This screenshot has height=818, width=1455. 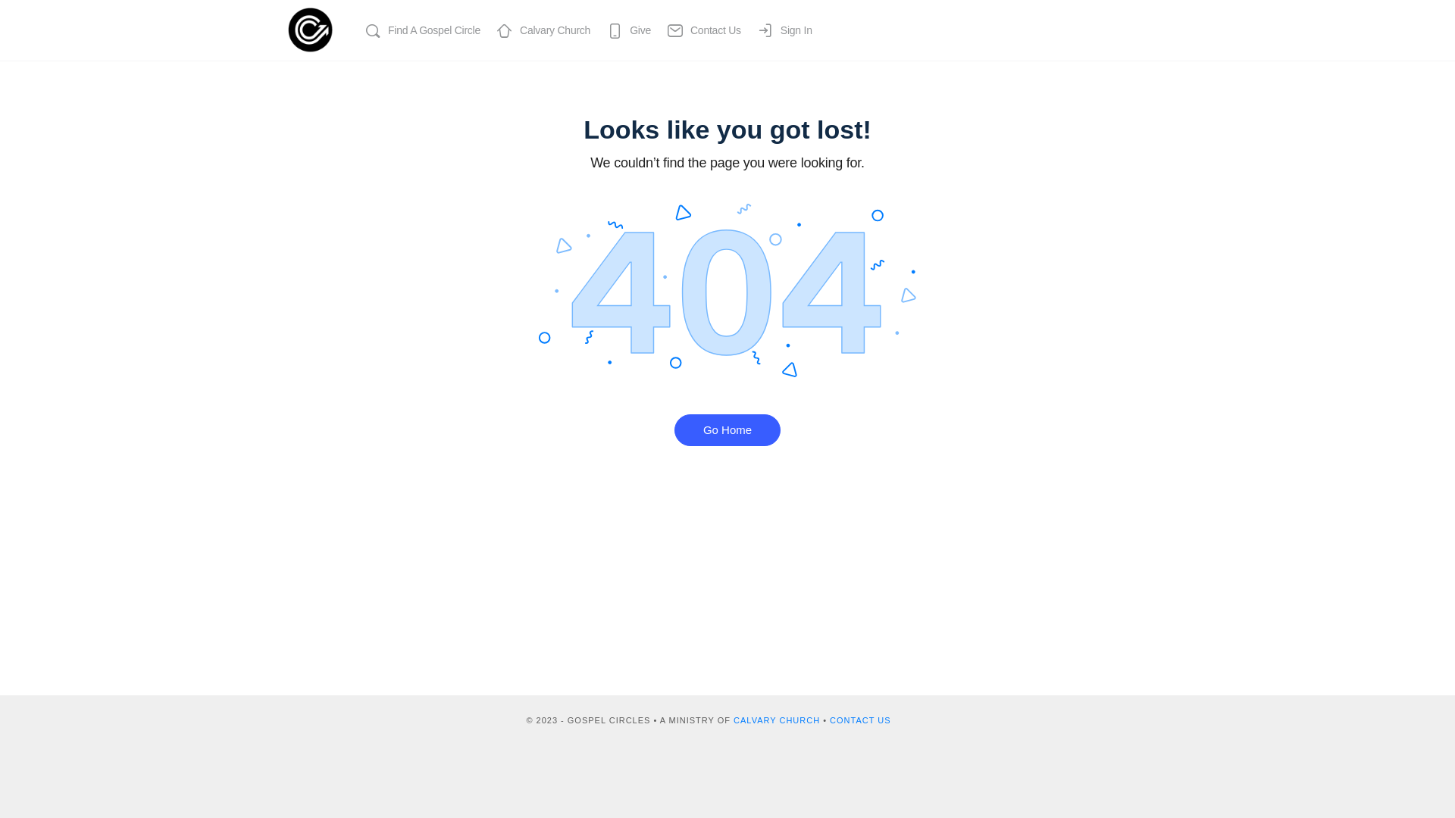 I want to click on 'Go Home', so click(x=727, y=429).